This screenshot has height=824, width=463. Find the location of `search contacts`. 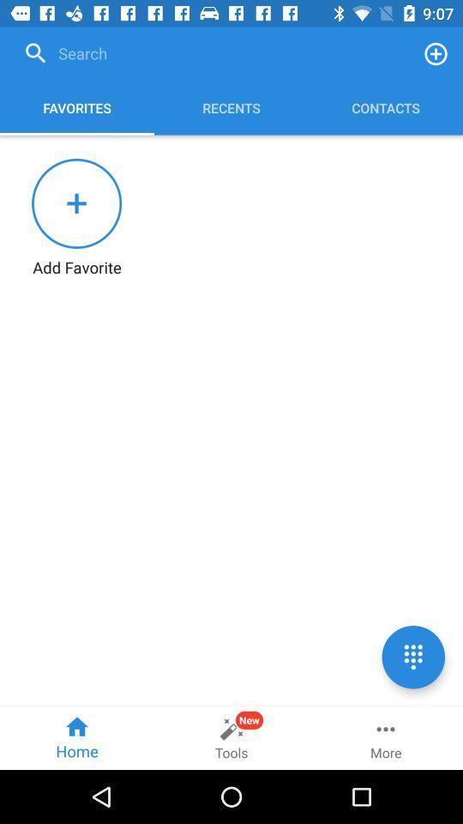

search contacts is located at coordinates (213, 53).